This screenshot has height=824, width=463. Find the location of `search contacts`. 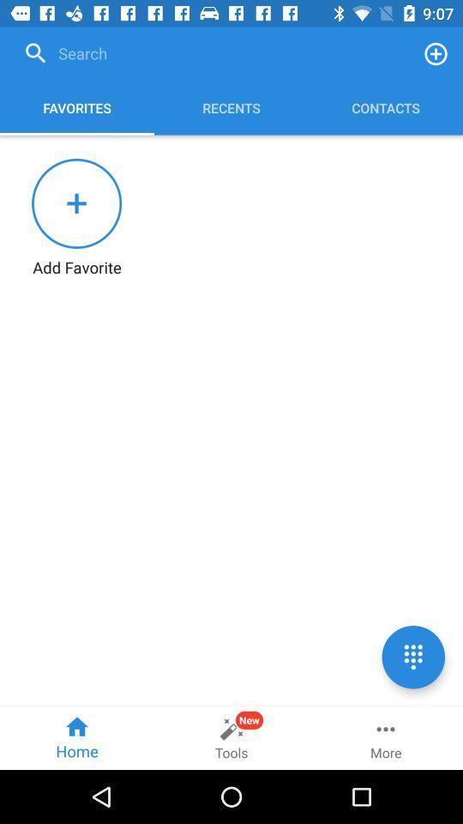

search contacts is located at coordinates (213, 53).